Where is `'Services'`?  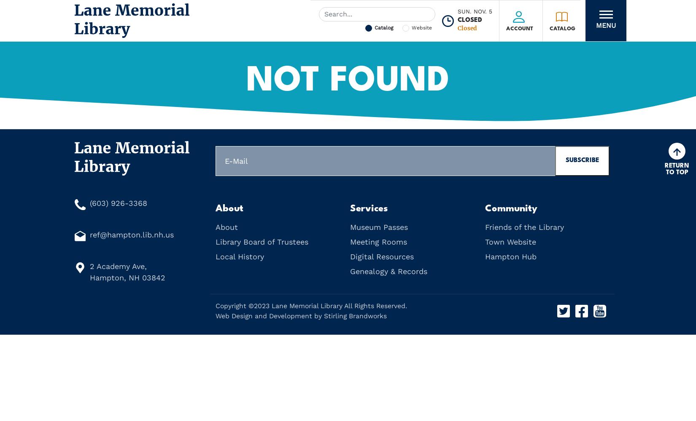
'Services' is located at coordinates (369, 208).